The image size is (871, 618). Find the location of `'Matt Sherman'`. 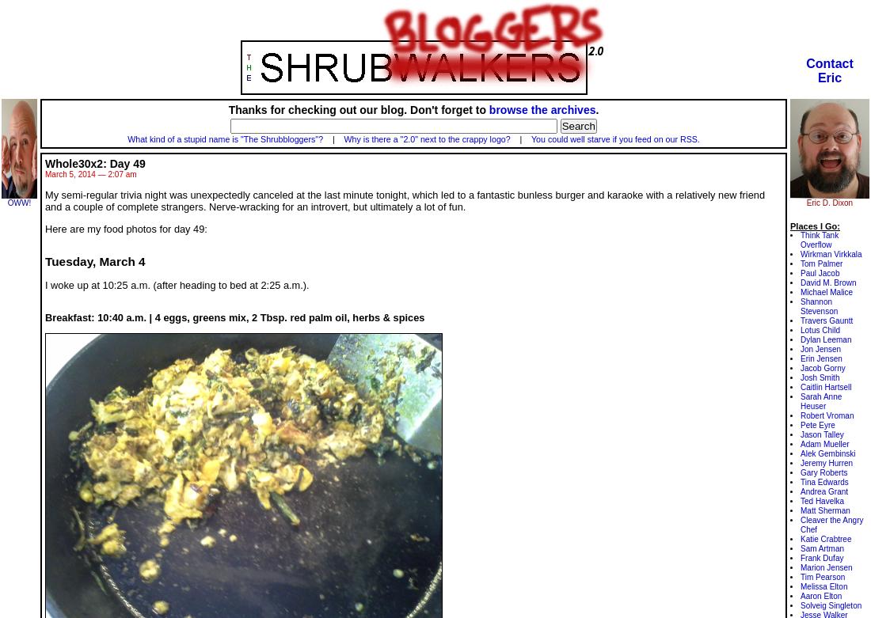

'Matt Sherman' is located at coordinates (825, 510).